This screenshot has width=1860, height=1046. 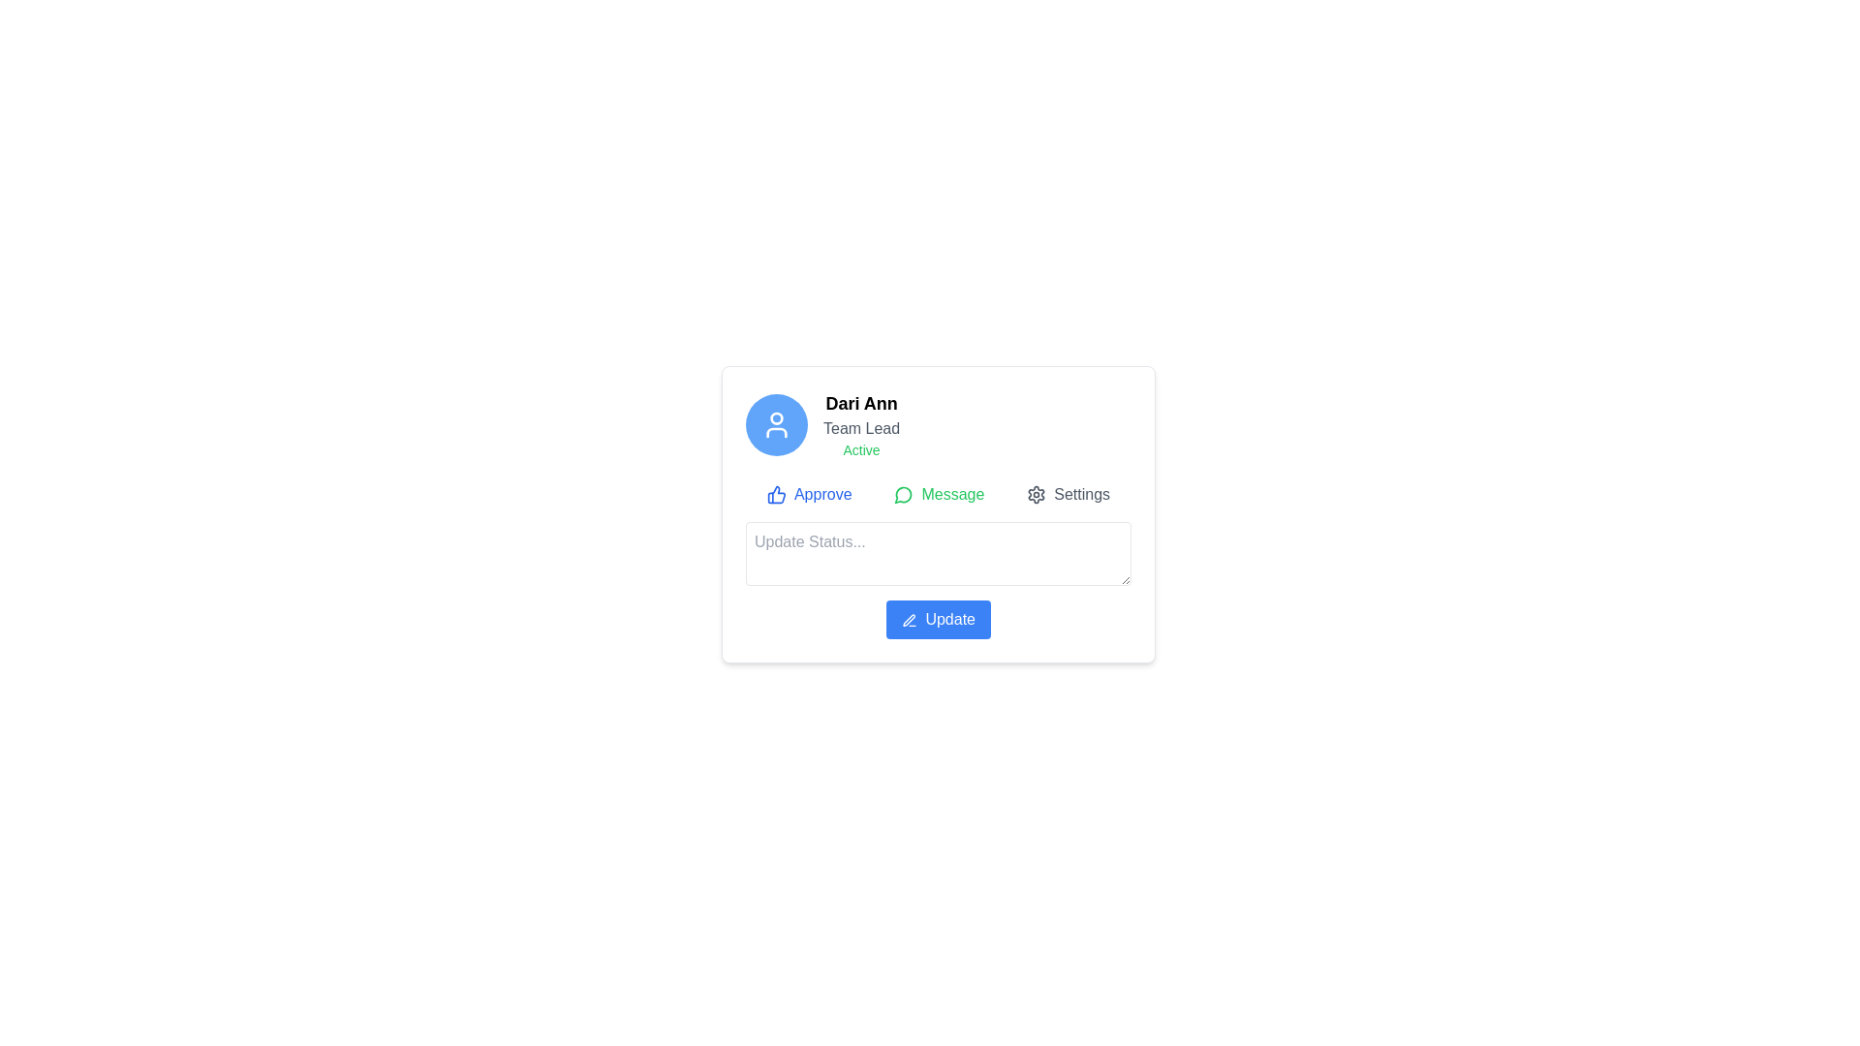 I want to click on the 'Approve' button, which is identifiable by its thumbs-up icon and blue text, positioned as the leftmost item among its siblings in a horizontal layout, so click(x=809, y=493).